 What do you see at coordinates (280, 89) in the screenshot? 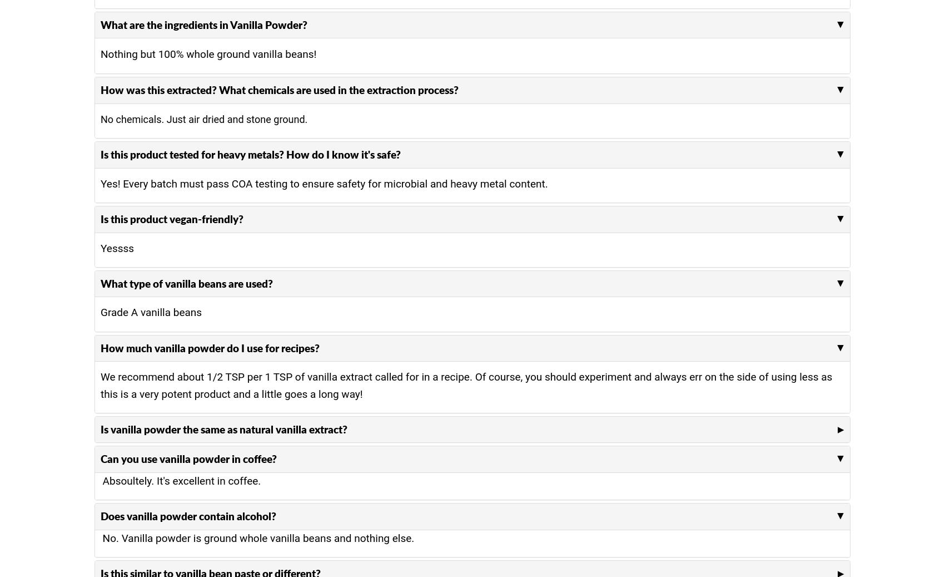
I see `'How was this extracted? What chemicals are used in the extraction process?'` at bounding box center [280, 89].